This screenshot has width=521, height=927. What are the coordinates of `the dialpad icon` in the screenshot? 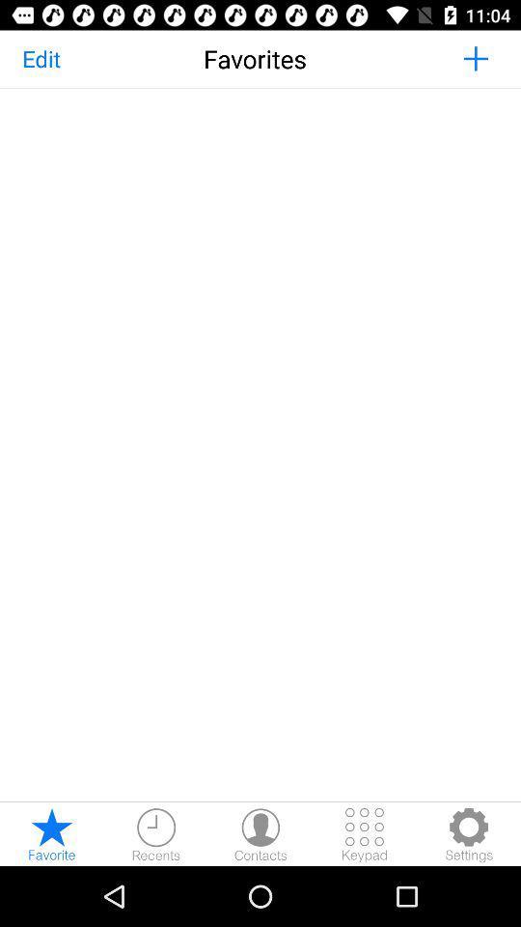 It's located at (365, 833).